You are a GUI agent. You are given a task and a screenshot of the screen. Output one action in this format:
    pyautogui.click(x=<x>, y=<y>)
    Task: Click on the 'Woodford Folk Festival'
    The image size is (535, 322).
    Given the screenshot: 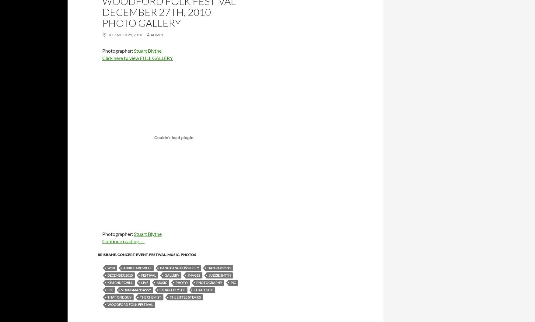 What is the action you would take?
    pyautogui.click(x=130, y=304)
    